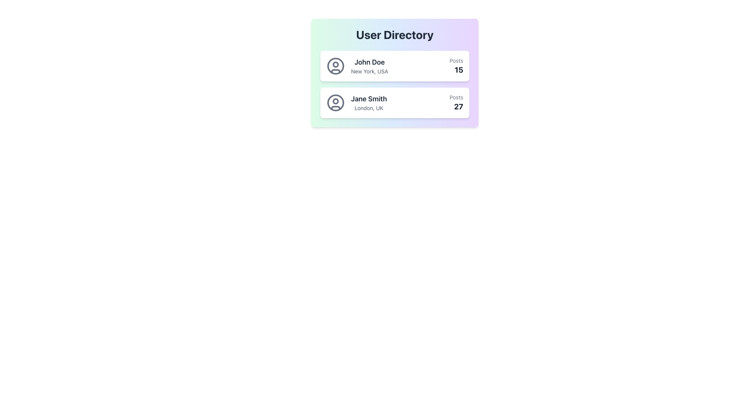 This screenshot has height=413, width=735. I want to click on the 'Posts' text display showing the number '15' on John Doe's user card, located at the top-right corner, so click(456, 66).